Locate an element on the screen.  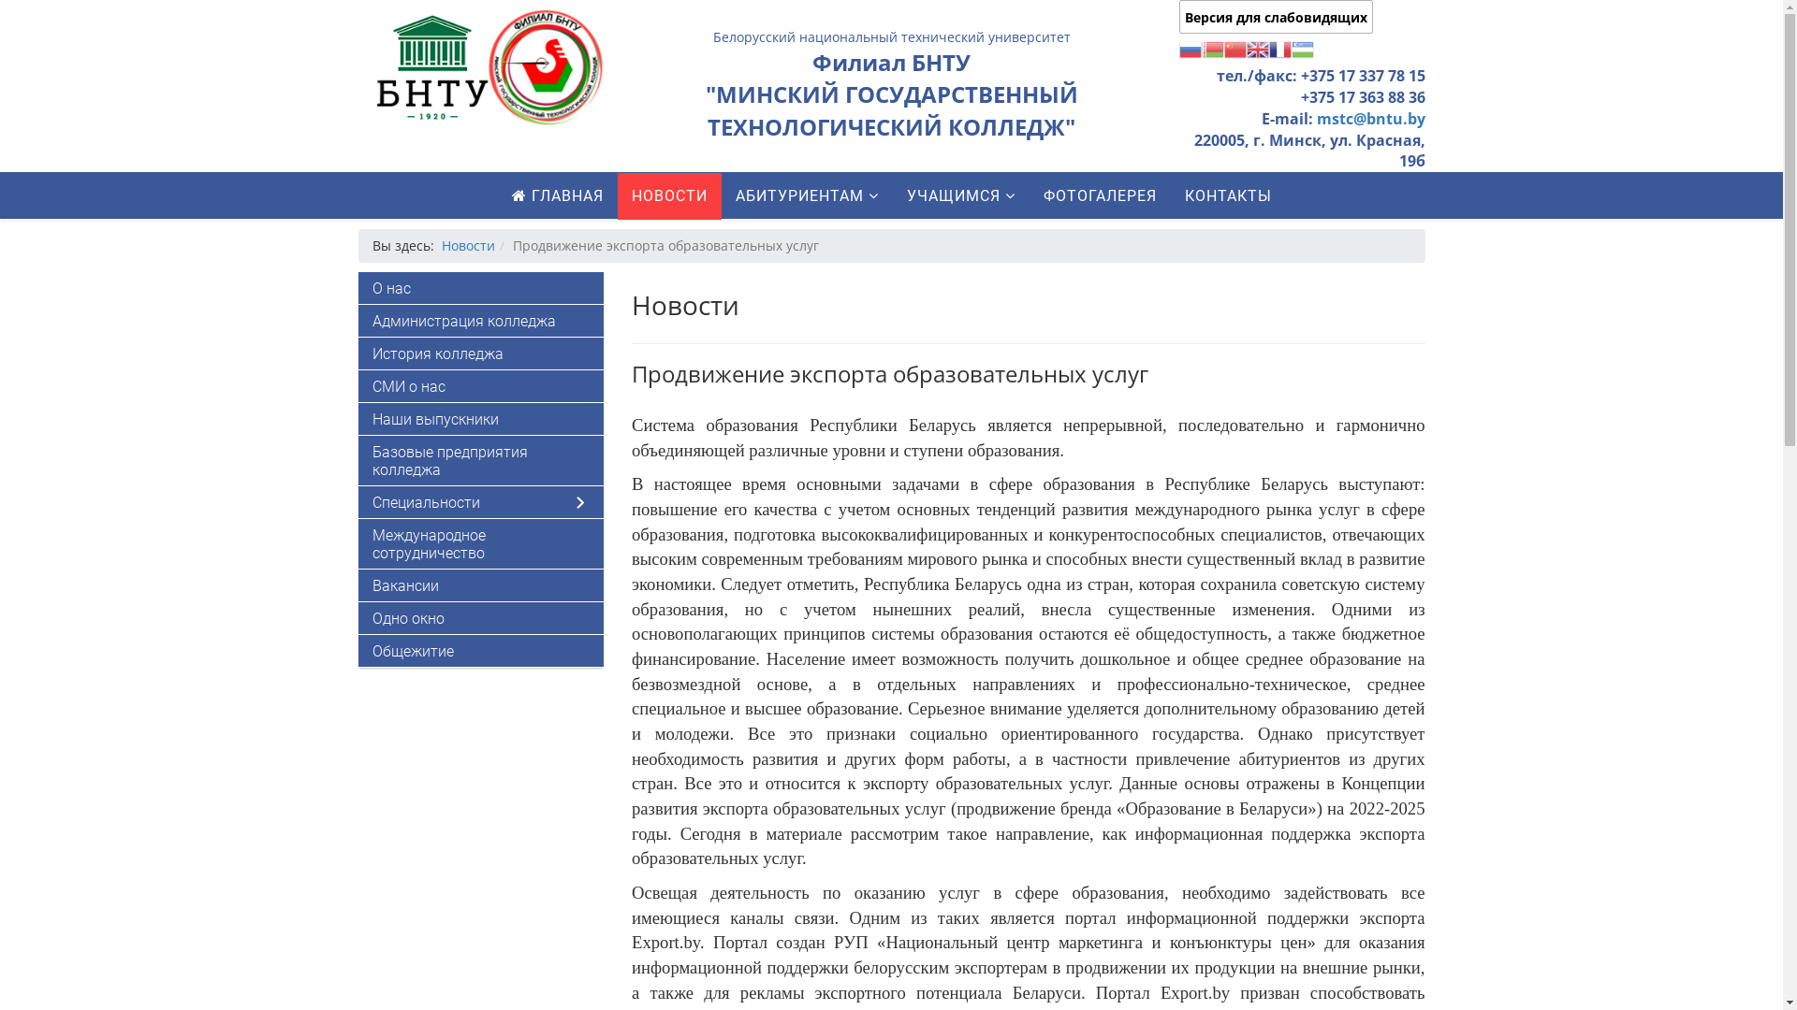
'Uzbek' is located at coordinates (1302, 47).